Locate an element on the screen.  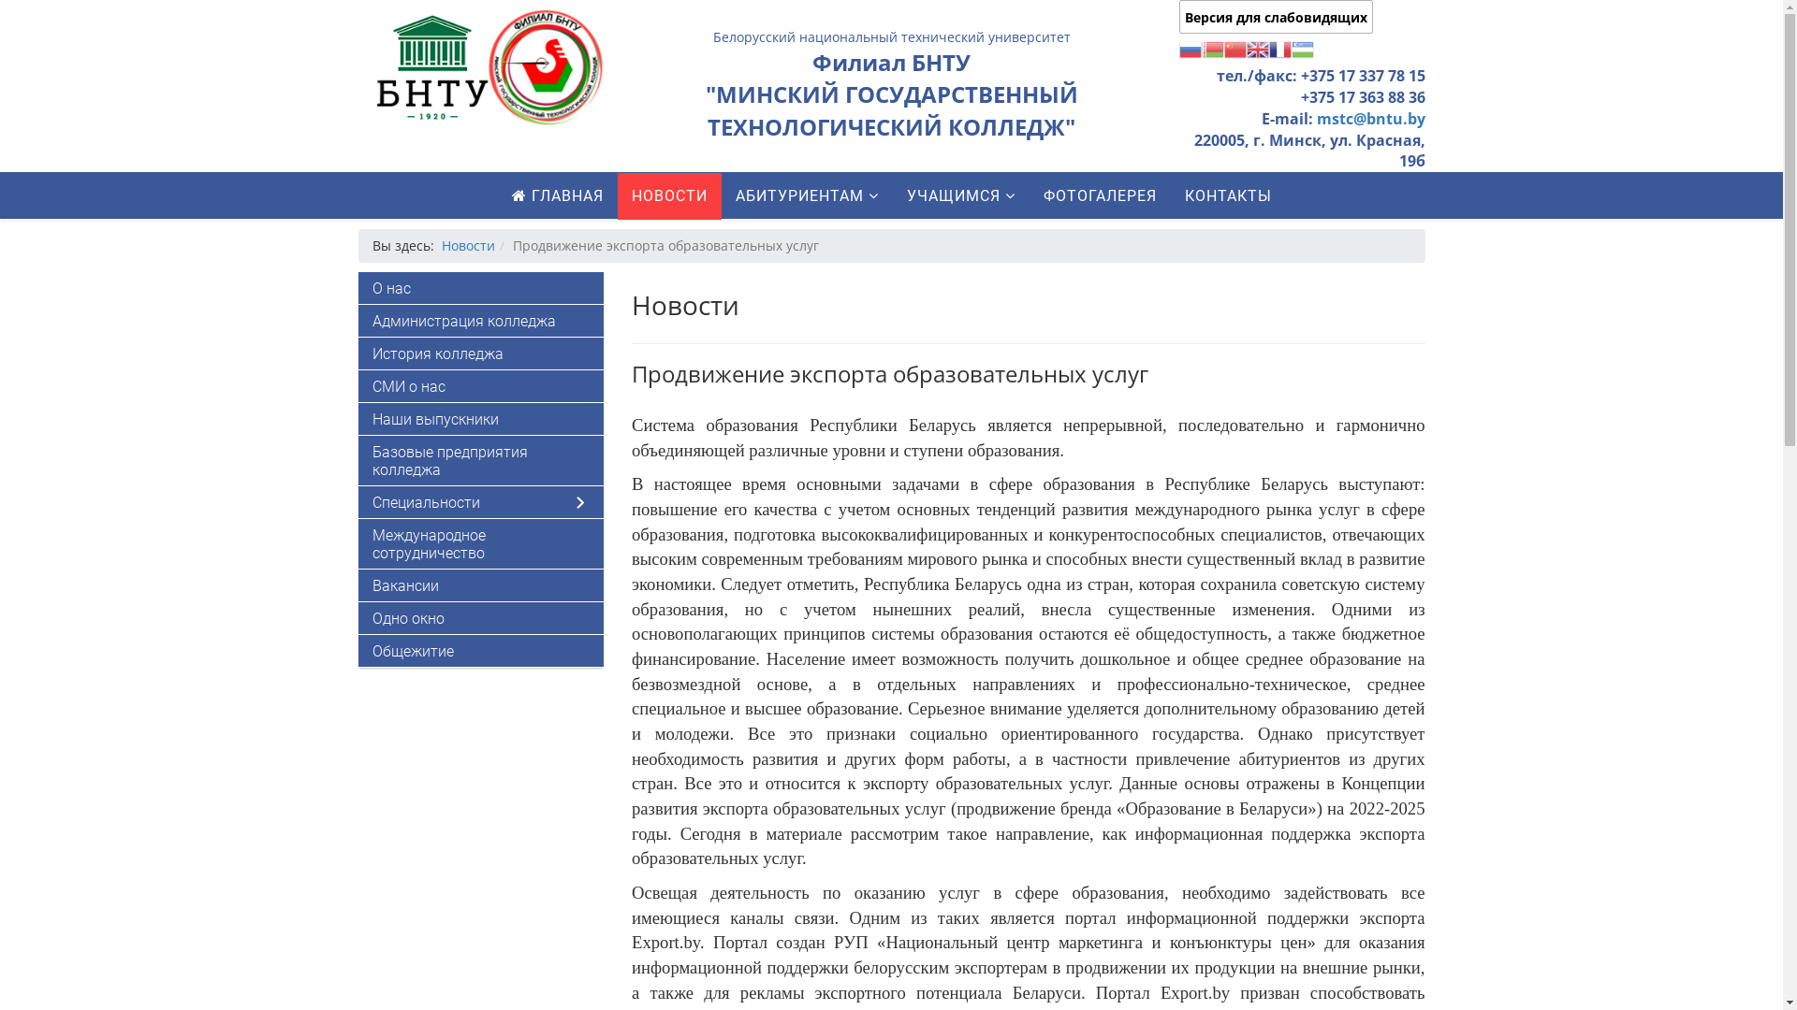
'Uzbek' is located at coordinates (1302, 47).